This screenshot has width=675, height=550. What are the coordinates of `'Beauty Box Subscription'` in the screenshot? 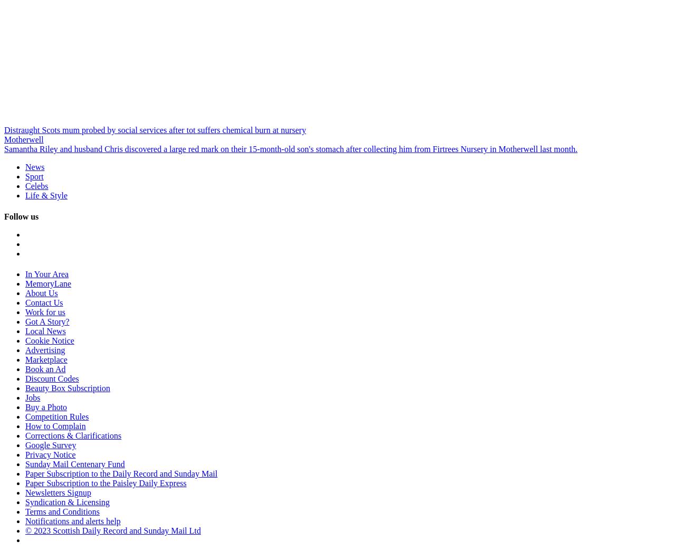 It's located at (67, 387).